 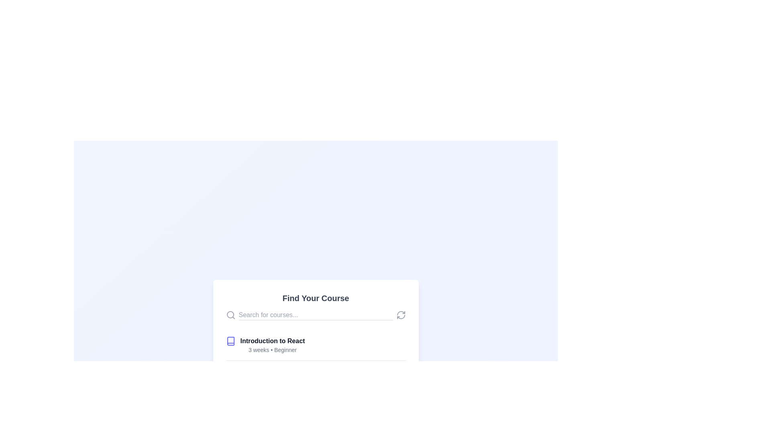 What do you see at coordinates (272, 344) in the screenshot?
I see `text content of the Text block displaying course details, which includes 'Introduction to React' and '3 weeks • Beginner'` at bounding box center [272, 344].